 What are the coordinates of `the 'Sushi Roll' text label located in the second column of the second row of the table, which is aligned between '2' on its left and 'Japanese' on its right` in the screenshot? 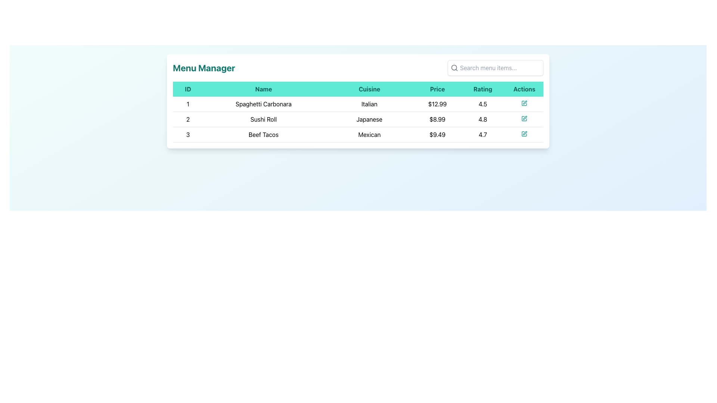 It's located at (263, 119).